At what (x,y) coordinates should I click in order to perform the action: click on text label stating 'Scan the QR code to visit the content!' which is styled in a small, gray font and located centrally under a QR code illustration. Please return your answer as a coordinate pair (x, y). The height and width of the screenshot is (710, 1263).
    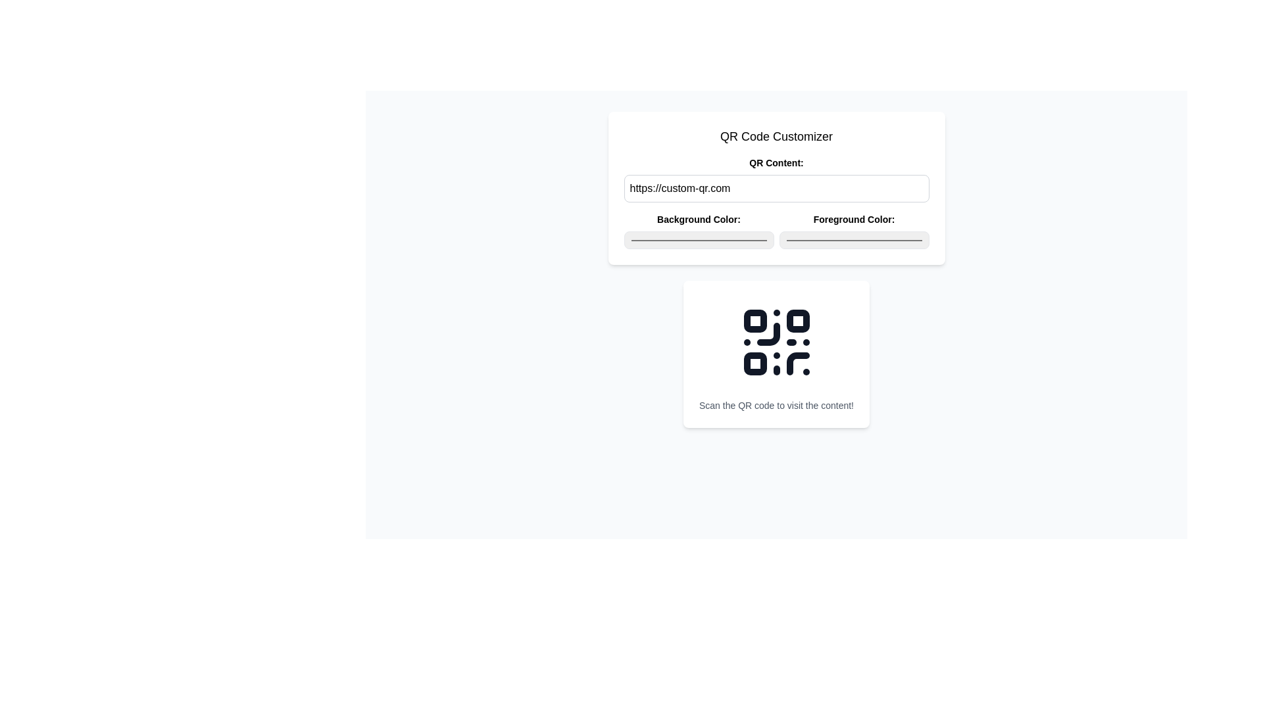
    Looking at the image, I should click on (776, 405).